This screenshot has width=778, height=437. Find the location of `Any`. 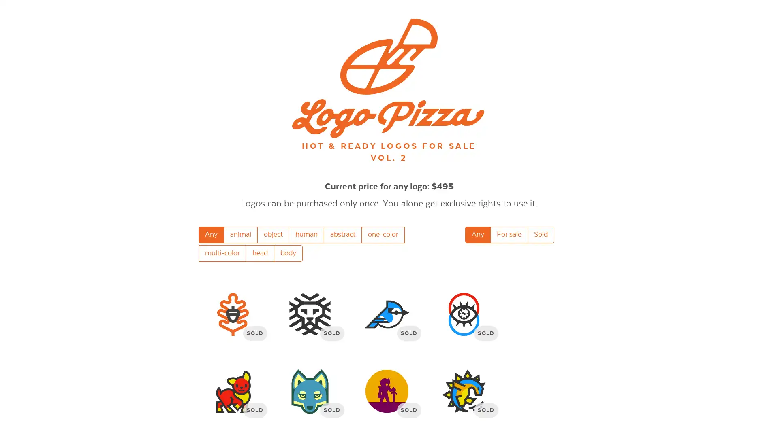

Any is located at coordinates (478, 235).